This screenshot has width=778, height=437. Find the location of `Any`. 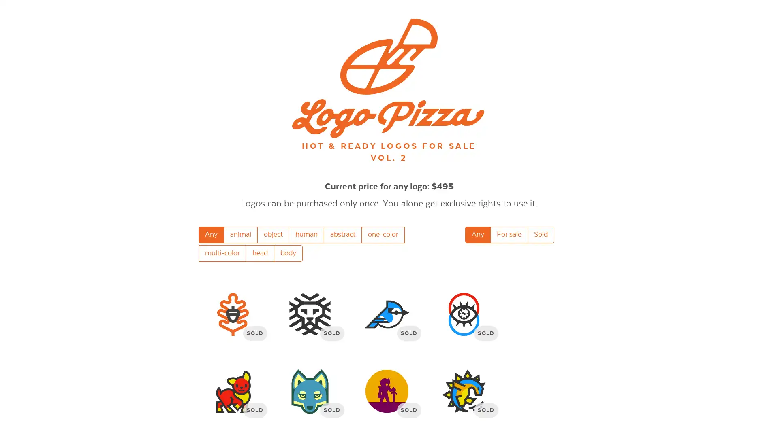

Any is located at coordinates (478, 235).